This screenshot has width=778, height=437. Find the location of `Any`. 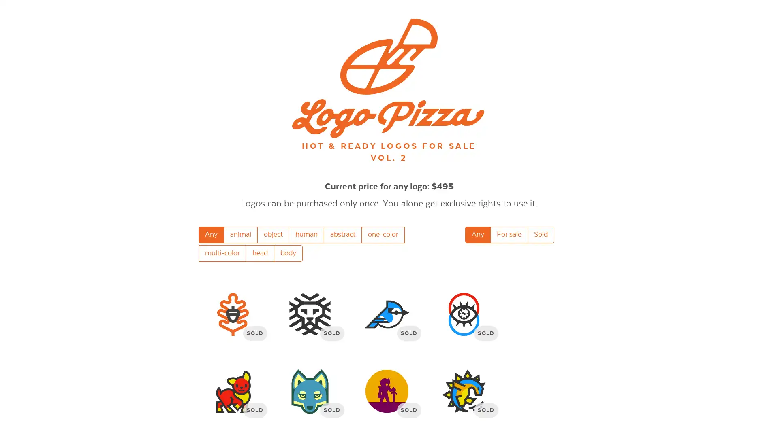

Any is located at coordinates (478, 235).